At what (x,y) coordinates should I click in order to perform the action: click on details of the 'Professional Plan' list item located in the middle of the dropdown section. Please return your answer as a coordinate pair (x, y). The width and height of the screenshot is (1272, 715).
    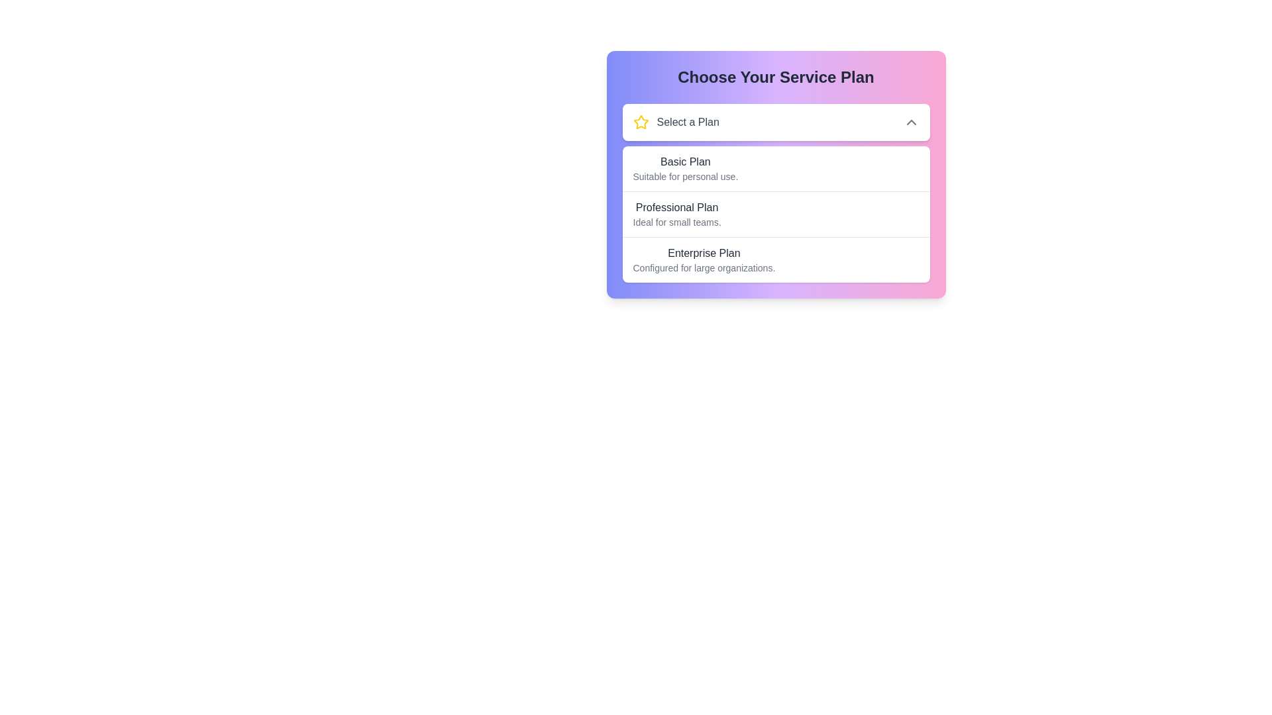
    Looking at the image, I should click on (776, 214).